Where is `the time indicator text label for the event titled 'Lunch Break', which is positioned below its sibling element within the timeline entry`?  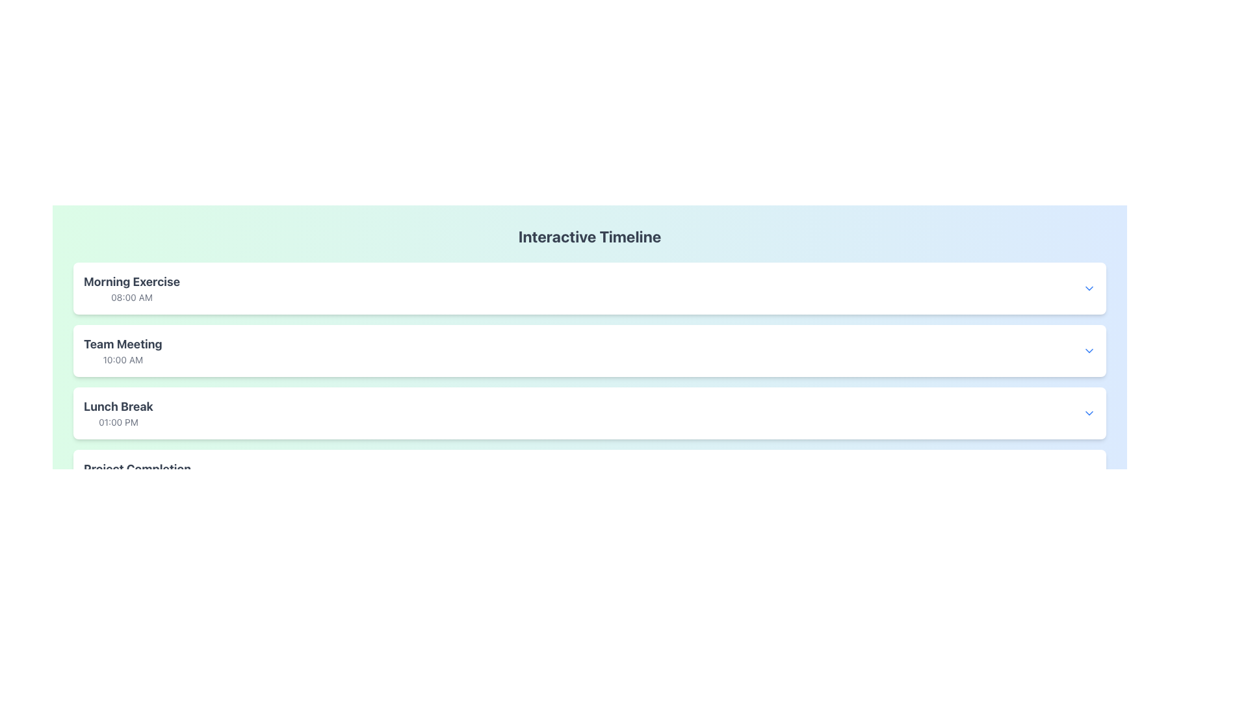
the time indicator text label for the event titled 'Lunch Break', which is positioned below its sibling element within the timeline entry is located at coordinates (118, 422).